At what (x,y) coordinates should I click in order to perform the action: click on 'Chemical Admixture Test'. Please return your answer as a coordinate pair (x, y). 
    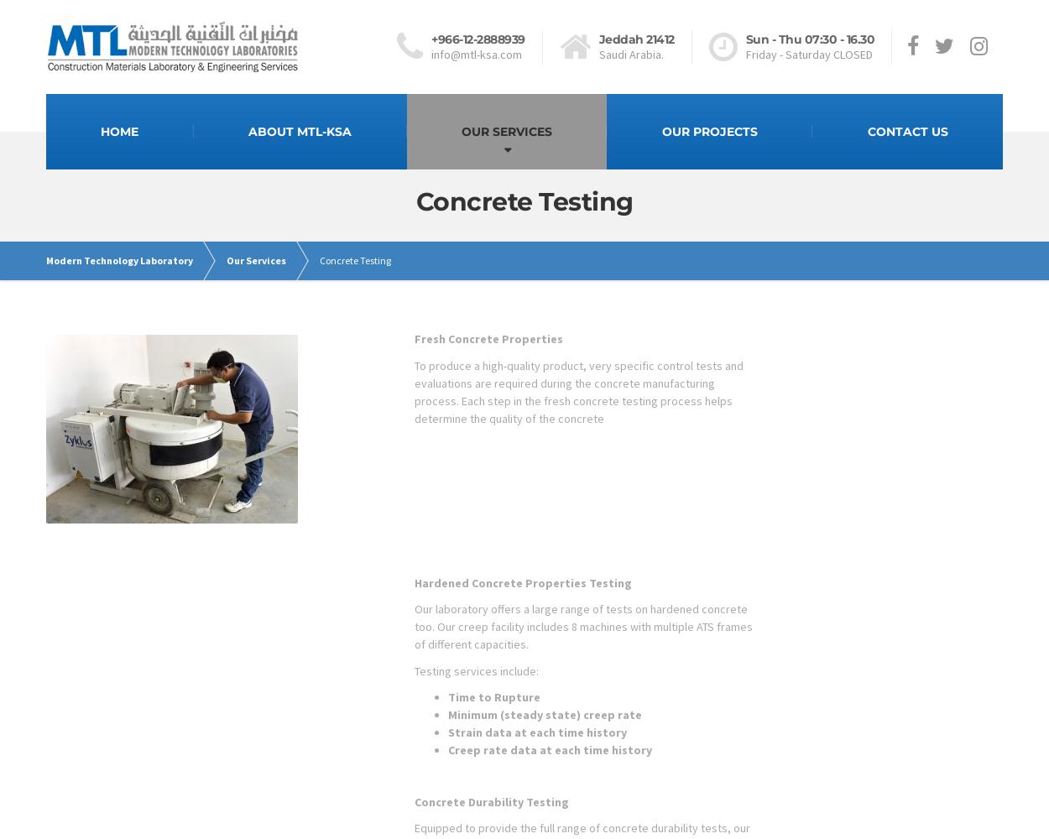
    Looking at the image, I should click on (431, 382).